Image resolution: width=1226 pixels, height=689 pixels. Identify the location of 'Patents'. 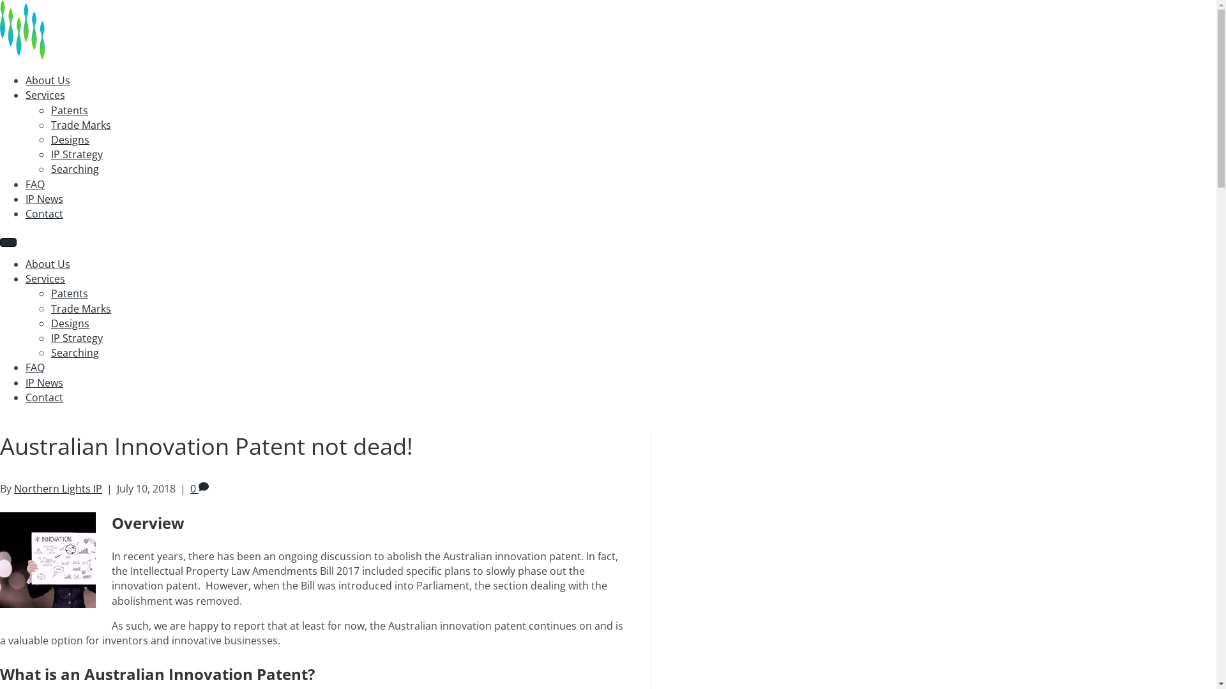
(69, 293).